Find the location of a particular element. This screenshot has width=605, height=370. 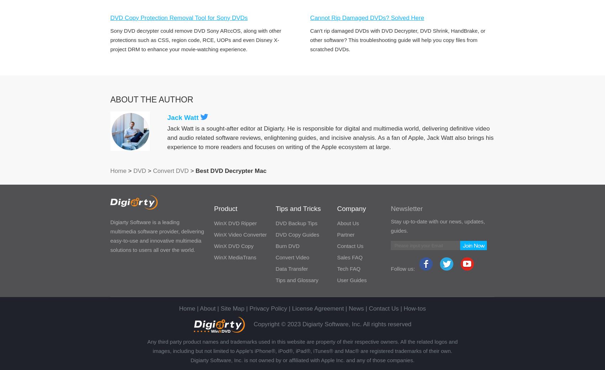

'About Us' is located at coordinates (347, 223).